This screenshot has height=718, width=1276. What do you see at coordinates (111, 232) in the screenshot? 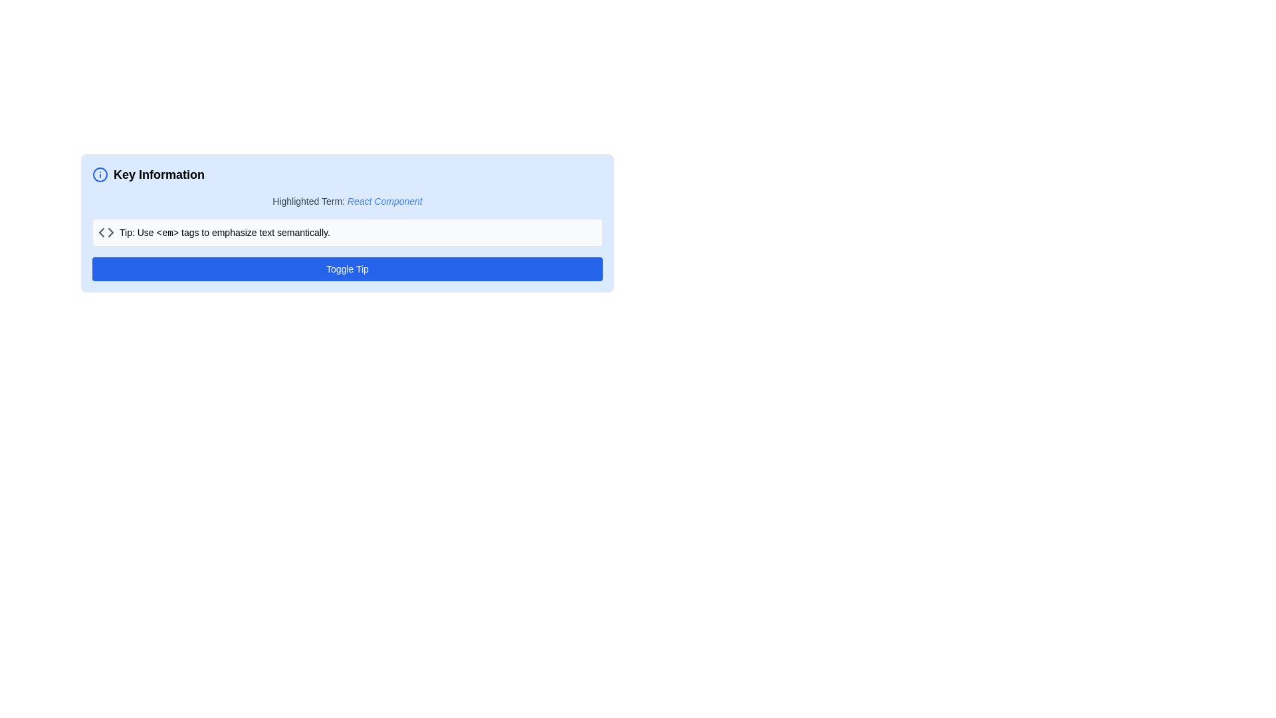
I see `the triangular arrow icon that is part of the vector graphic, styled with a thin black stroke, located at the rightmost position within the SVG group near the text 'Tip: Use <em> tags to emphasize text semantically.'` at bounding box center [111, 232].